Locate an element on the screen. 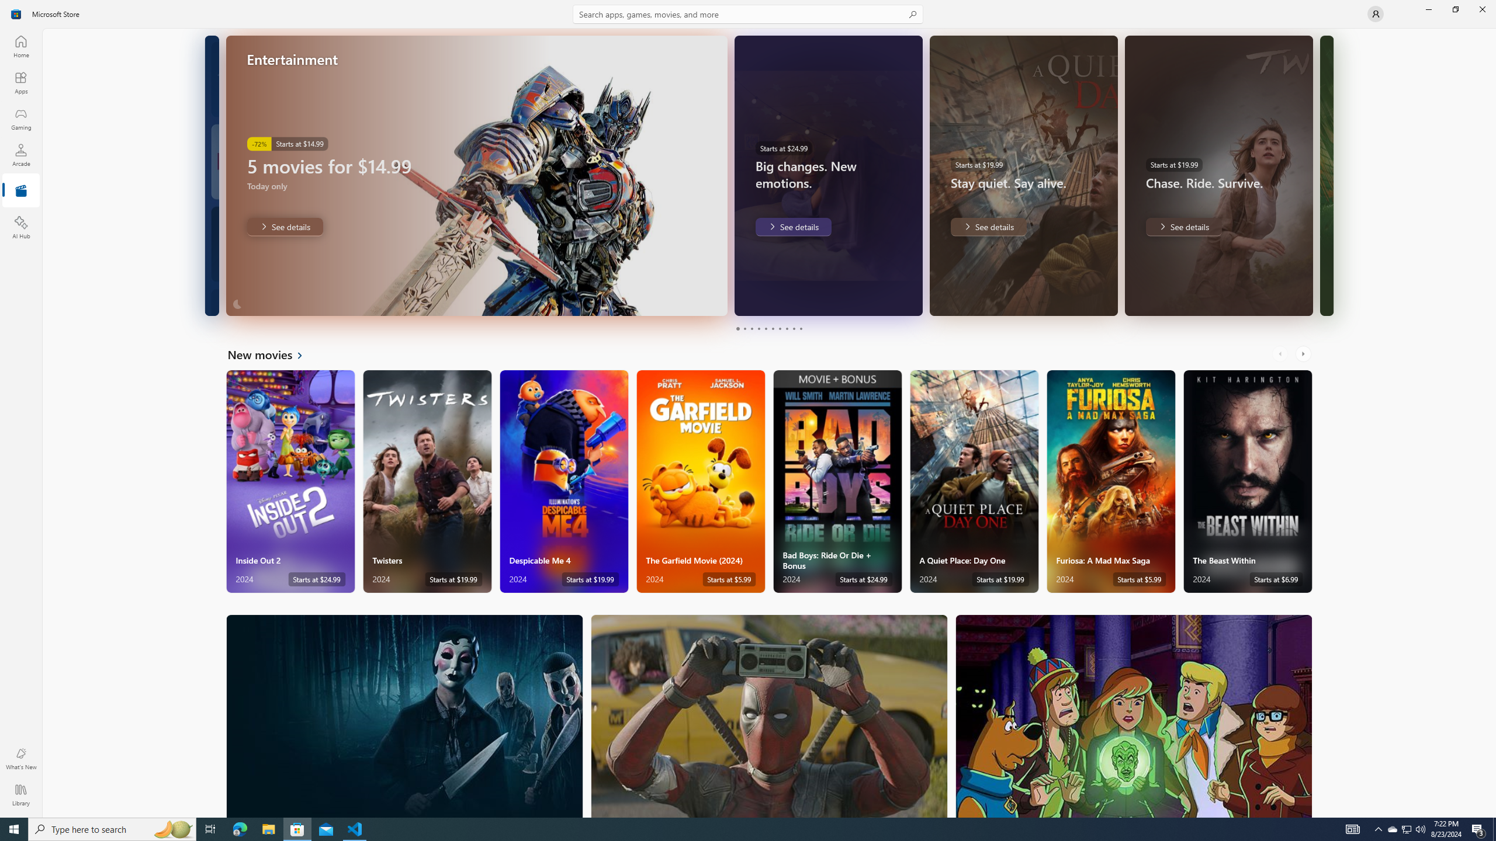 The image size is (1496, 841). 'Apps' is located at coordinates (20, 82).